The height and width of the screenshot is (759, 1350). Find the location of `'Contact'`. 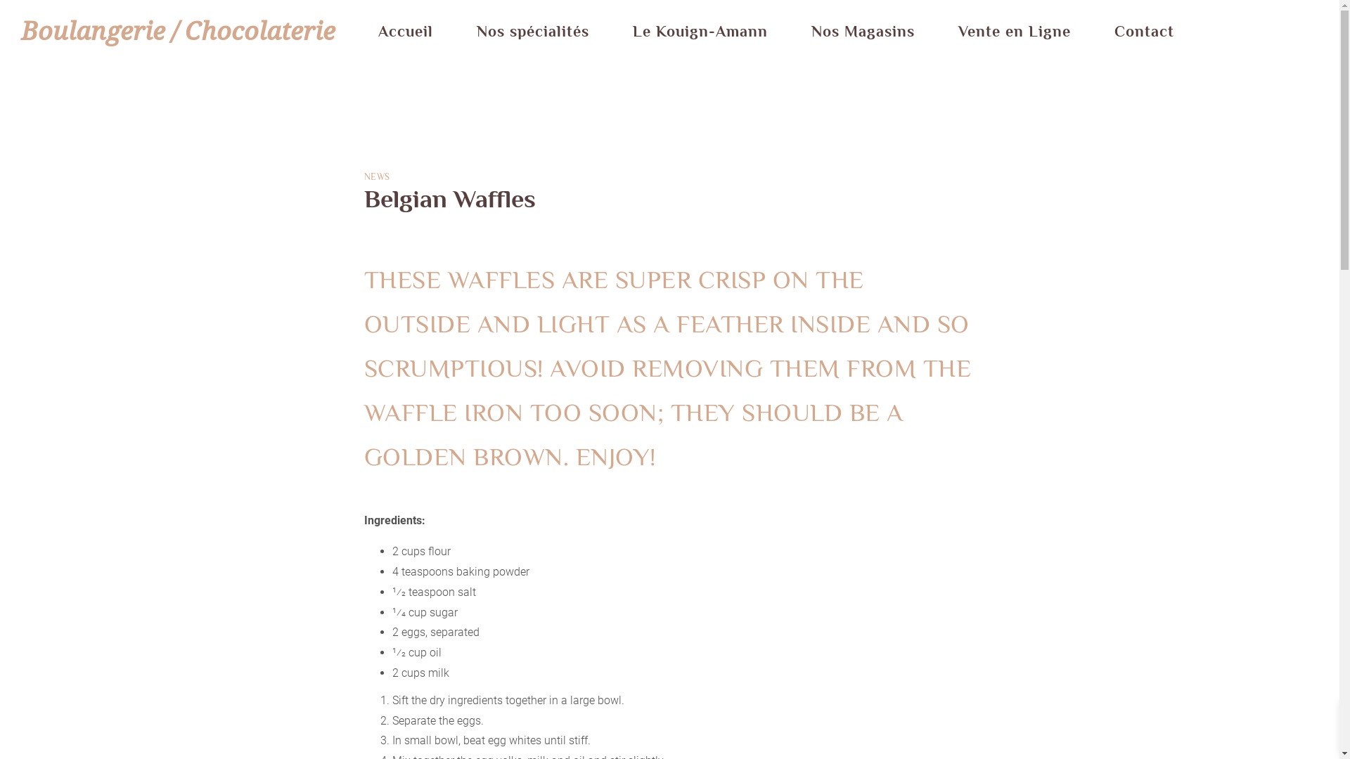

'Contact' is located at coordinates (1144, 32).